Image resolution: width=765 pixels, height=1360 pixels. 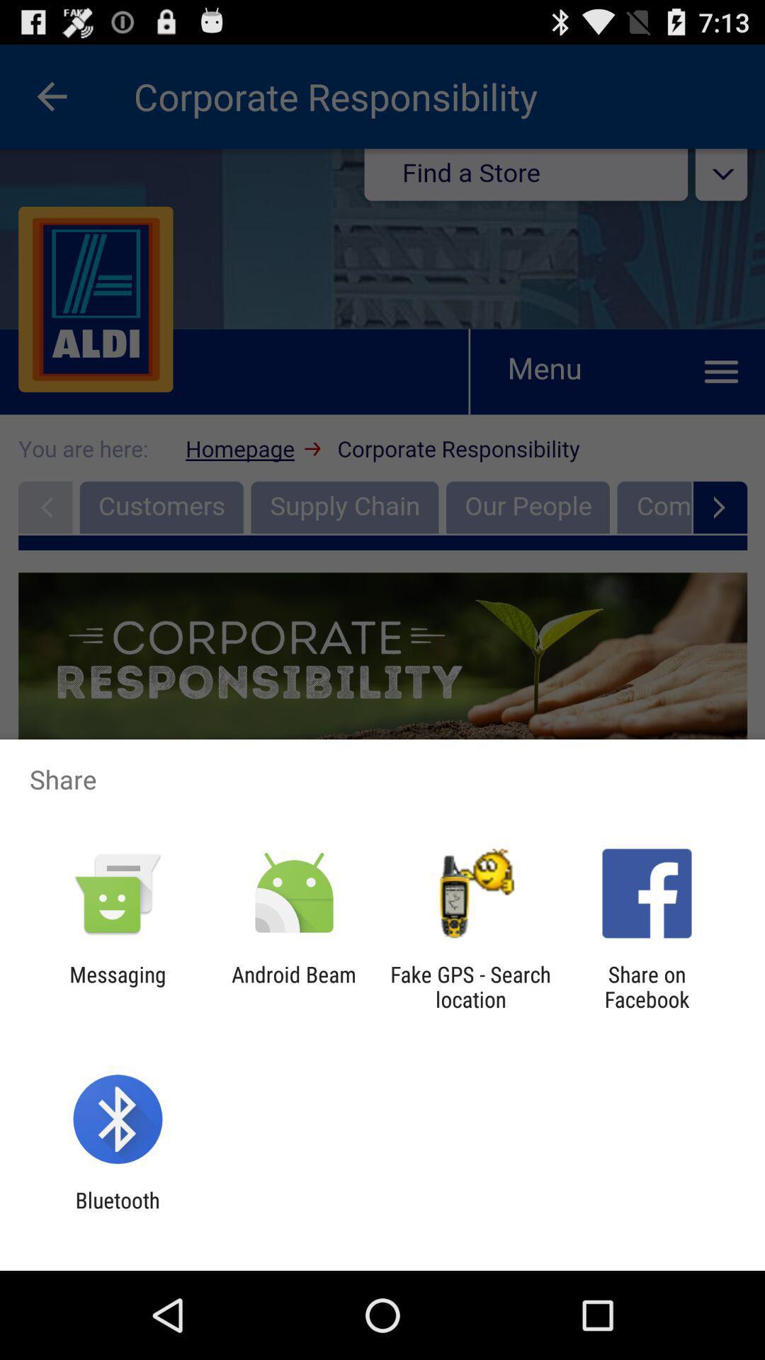 What do you see at coordinates (647, 986) in the screenshot?
I see `icon next to the fake gps search app` at bounding box center [647, 986].